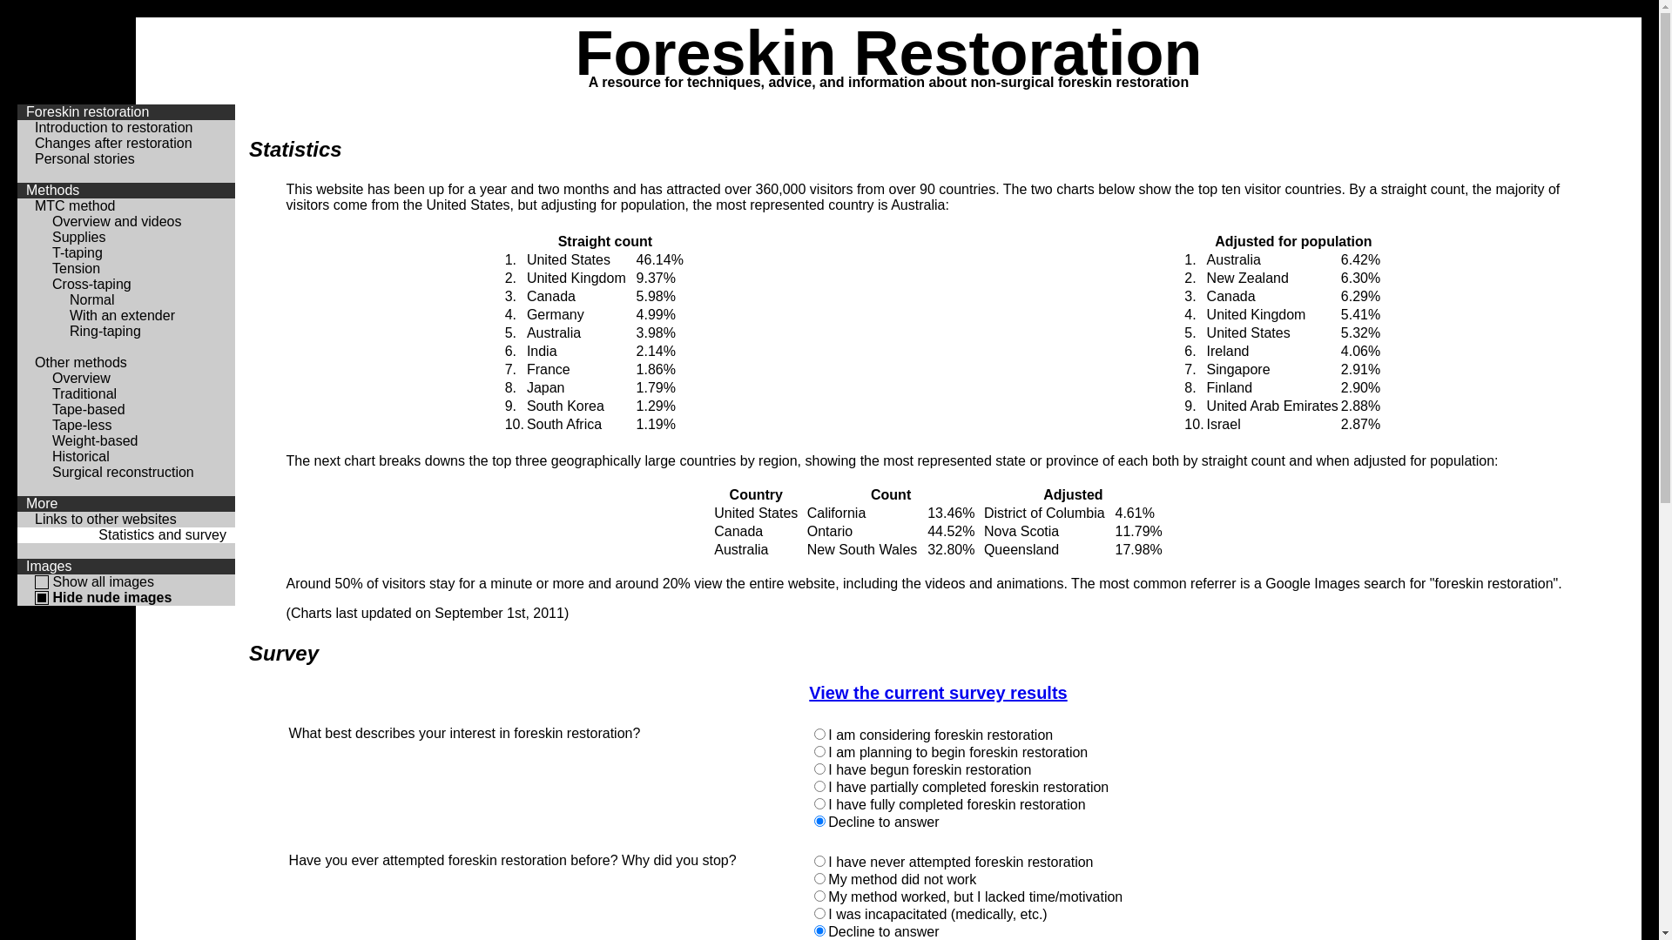  I want to click on 'Weight-based', so click(94, 440).